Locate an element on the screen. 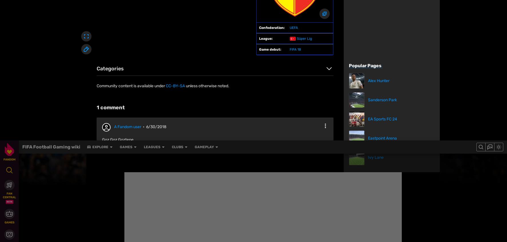 The image size is (507, 242). 'Community Central' is located at coordinates (283, 234).